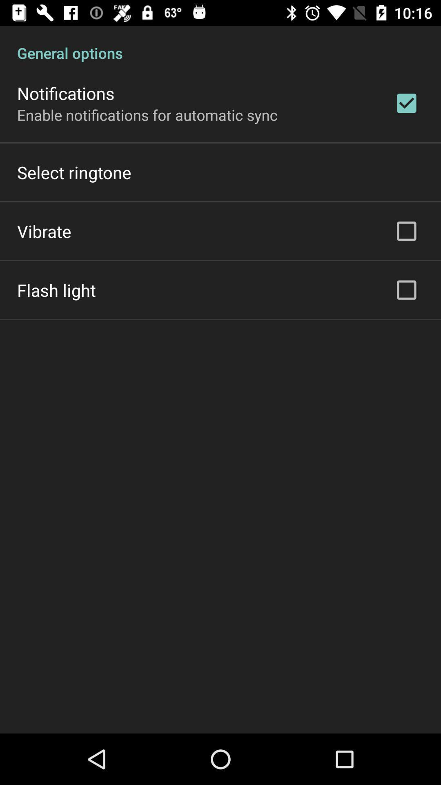  What do you see at coordinates (74, 172) in the screenshot?
I see `select ringtone item` at bounding box center [74, 172].